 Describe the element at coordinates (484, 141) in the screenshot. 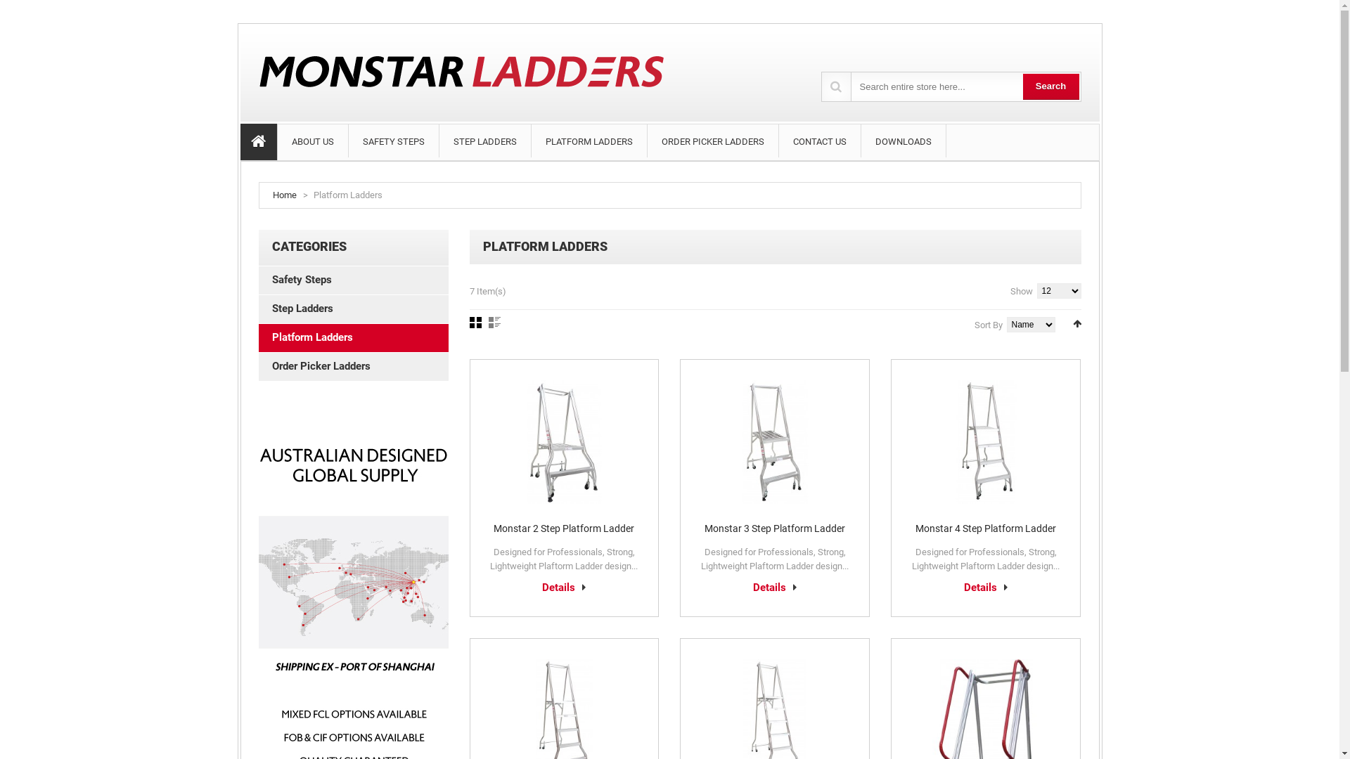

I see `'STEP LADDERS'` at that location.